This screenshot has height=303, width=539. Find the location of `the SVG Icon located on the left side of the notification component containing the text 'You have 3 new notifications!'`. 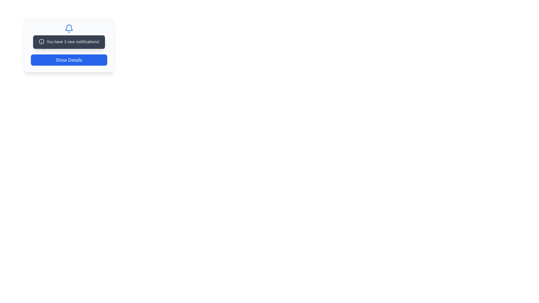

the SVG Icon located on the left side of the notification component containing the text 'You have 3 new notifications!' is located at coordinates (41, 41).